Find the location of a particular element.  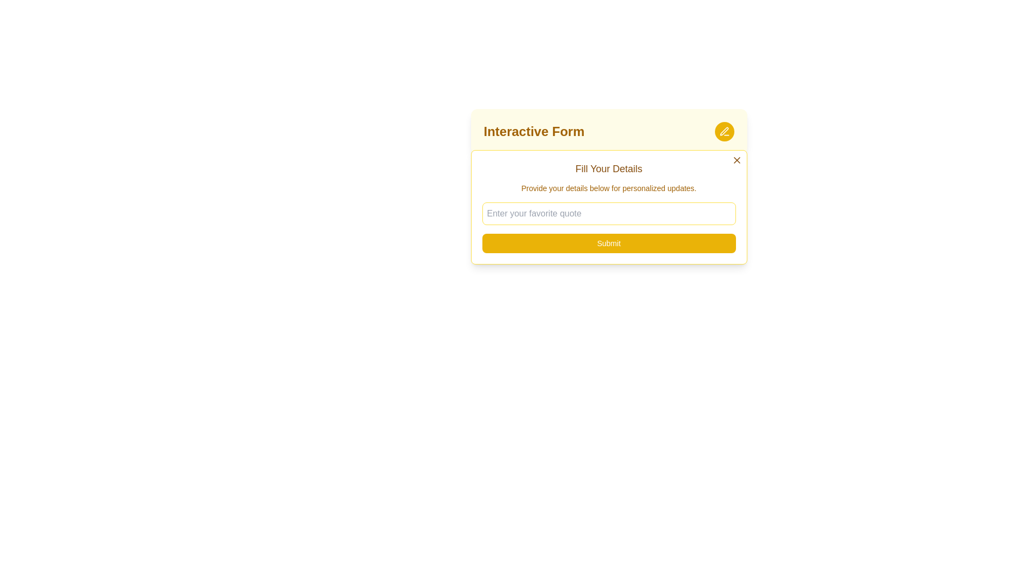

the edit tool button located in the top-right corner of the 'Interactive Form' header section, which allows the user to adjust or modify header details is located at coordinates (724, 131).